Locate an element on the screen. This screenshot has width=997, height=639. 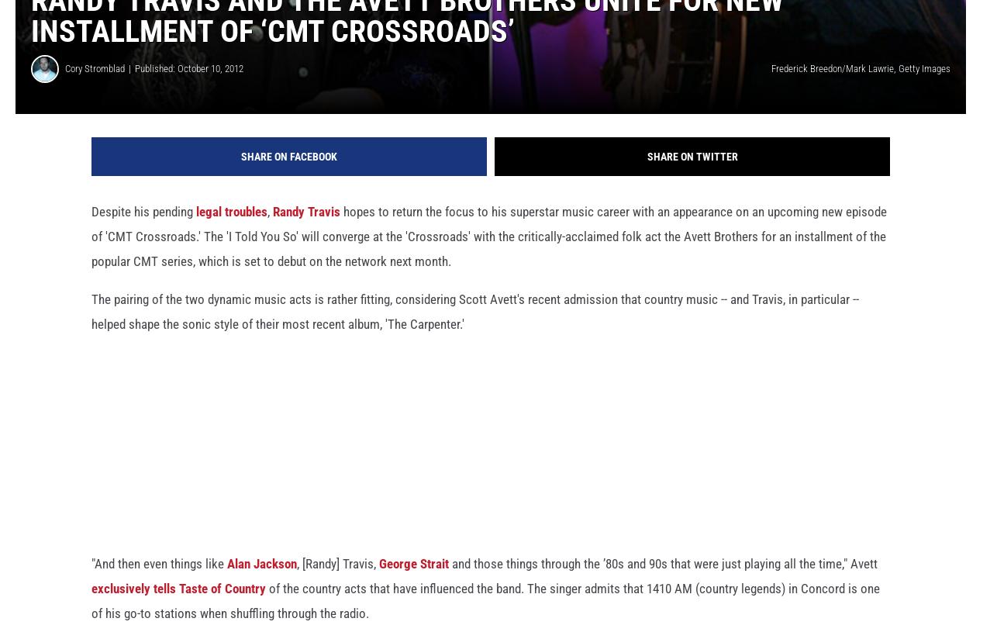
',' is located at coordinates (267, 225).